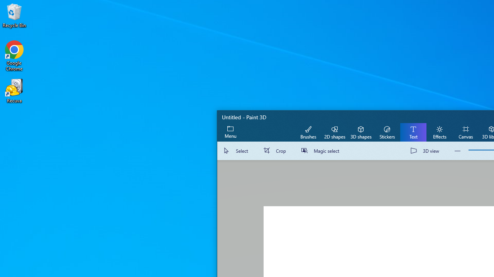  Describe the element at coordinates (230, 132) in the screenshot. I see `'Expand menu'` at that location.